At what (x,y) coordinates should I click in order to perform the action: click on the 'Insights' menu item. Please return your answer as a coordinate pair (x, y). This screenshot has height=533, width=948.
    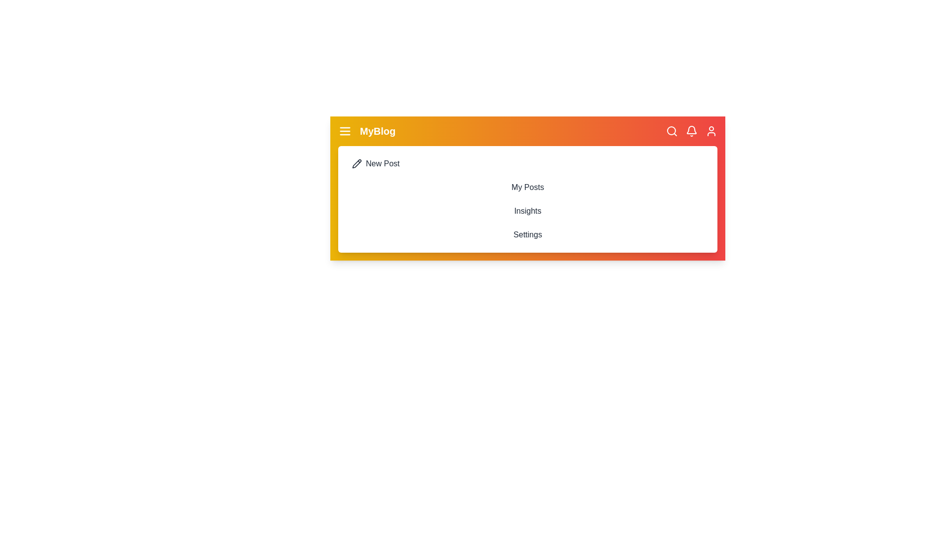
    Looking at the image, I should click on (527, 211).